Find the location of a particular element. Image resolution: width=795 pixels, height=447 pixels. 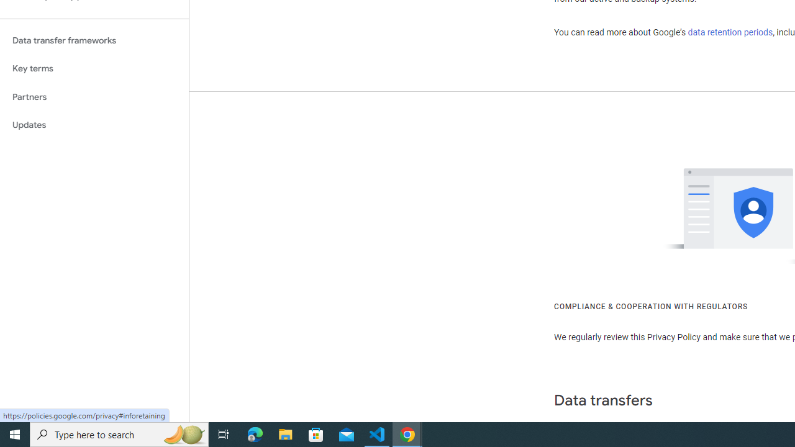

'Partners' is located at coordinates (94, 96).